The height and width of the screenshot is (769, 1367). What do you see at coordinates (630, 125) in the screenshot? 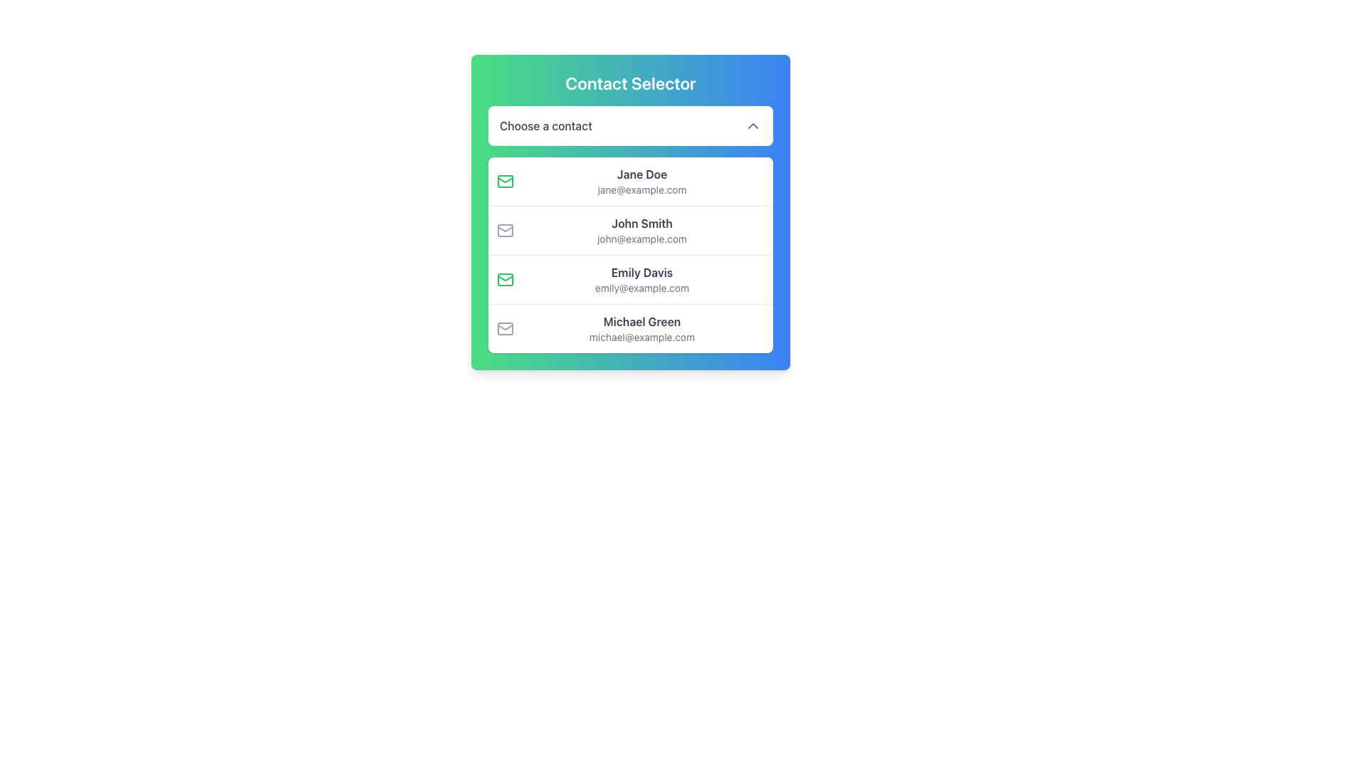
I see `the Dropdown selector labeled 'Choose a contact'` at bounding box center [630, 125].